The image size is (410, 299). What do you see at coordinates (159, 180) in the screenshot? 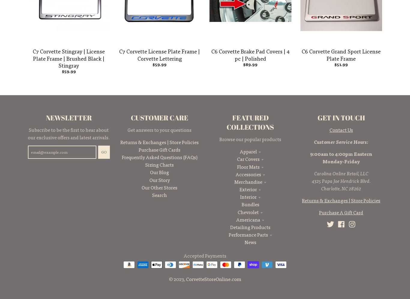
I see `'Our Story'` at bounding box center [159, 180].